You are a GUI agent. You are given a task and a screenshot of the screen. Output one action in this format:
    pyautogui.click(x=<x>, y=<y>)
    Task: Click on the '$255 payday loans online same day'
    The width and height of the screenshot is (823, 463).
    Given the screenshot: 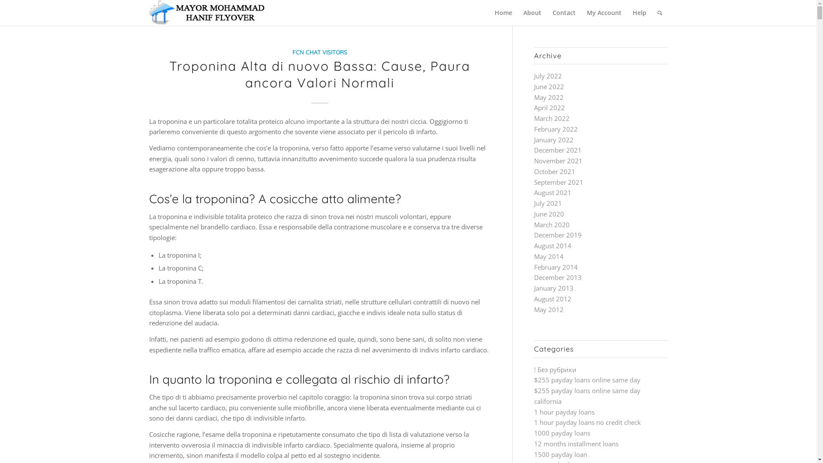 What is the action you would take?
    pyautogui.click(x=586, y=379)
    